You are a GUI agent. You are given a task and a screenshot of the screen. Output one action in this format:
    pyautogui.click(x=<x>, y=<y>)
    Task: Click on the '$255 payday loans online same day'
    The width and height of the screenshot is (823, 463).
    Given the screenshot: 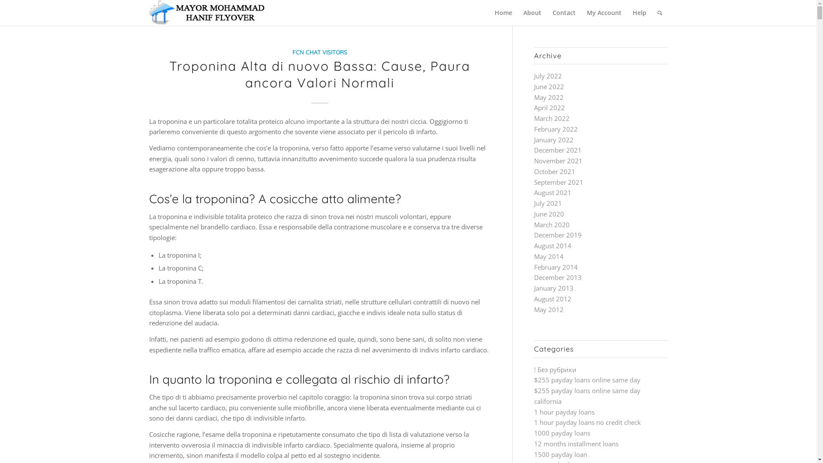 What is the action you would take?
    pyautogui.click(x=586, y=379)
    